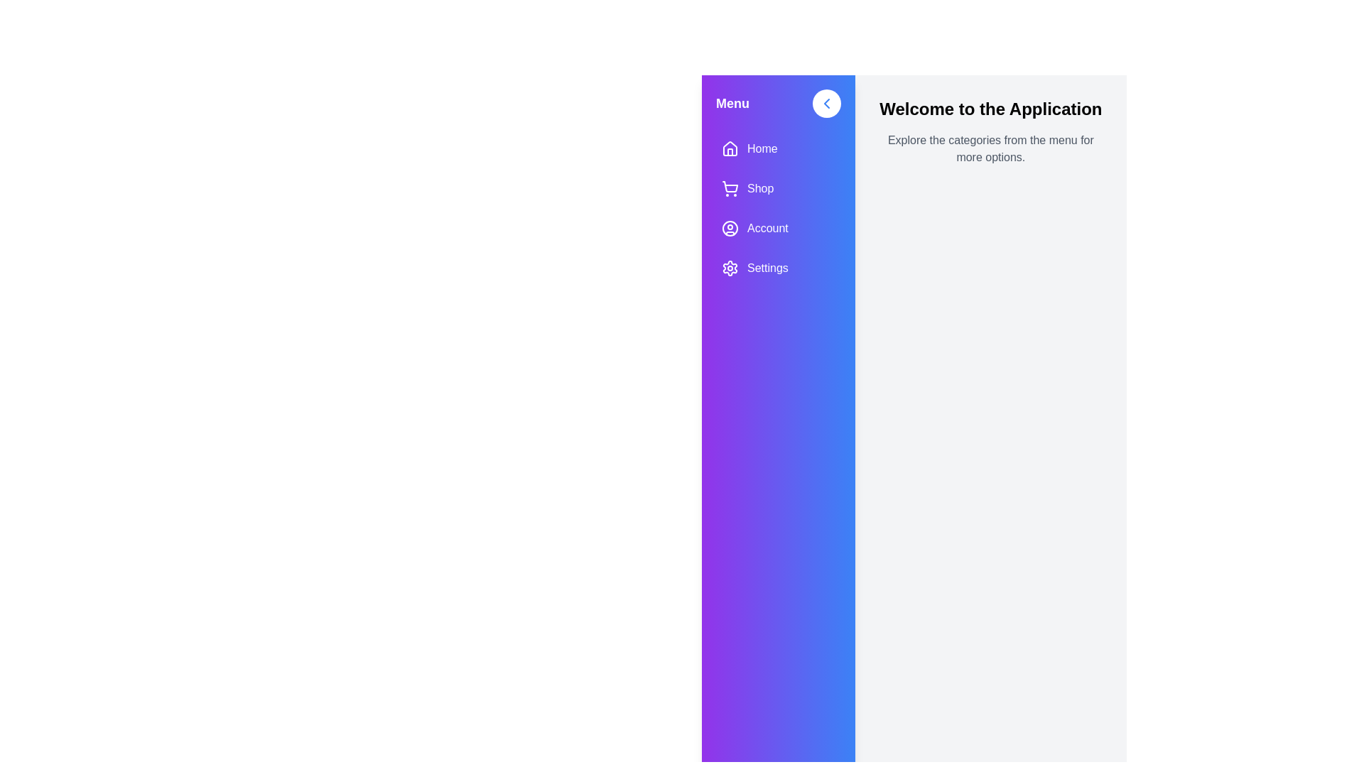  Describe the element at coordinates (990, 109) in the screenshot. I see `the text block displaying 'Welcome to the Application', which is styled in bold and large font, located at the top of the main content area` at that location.